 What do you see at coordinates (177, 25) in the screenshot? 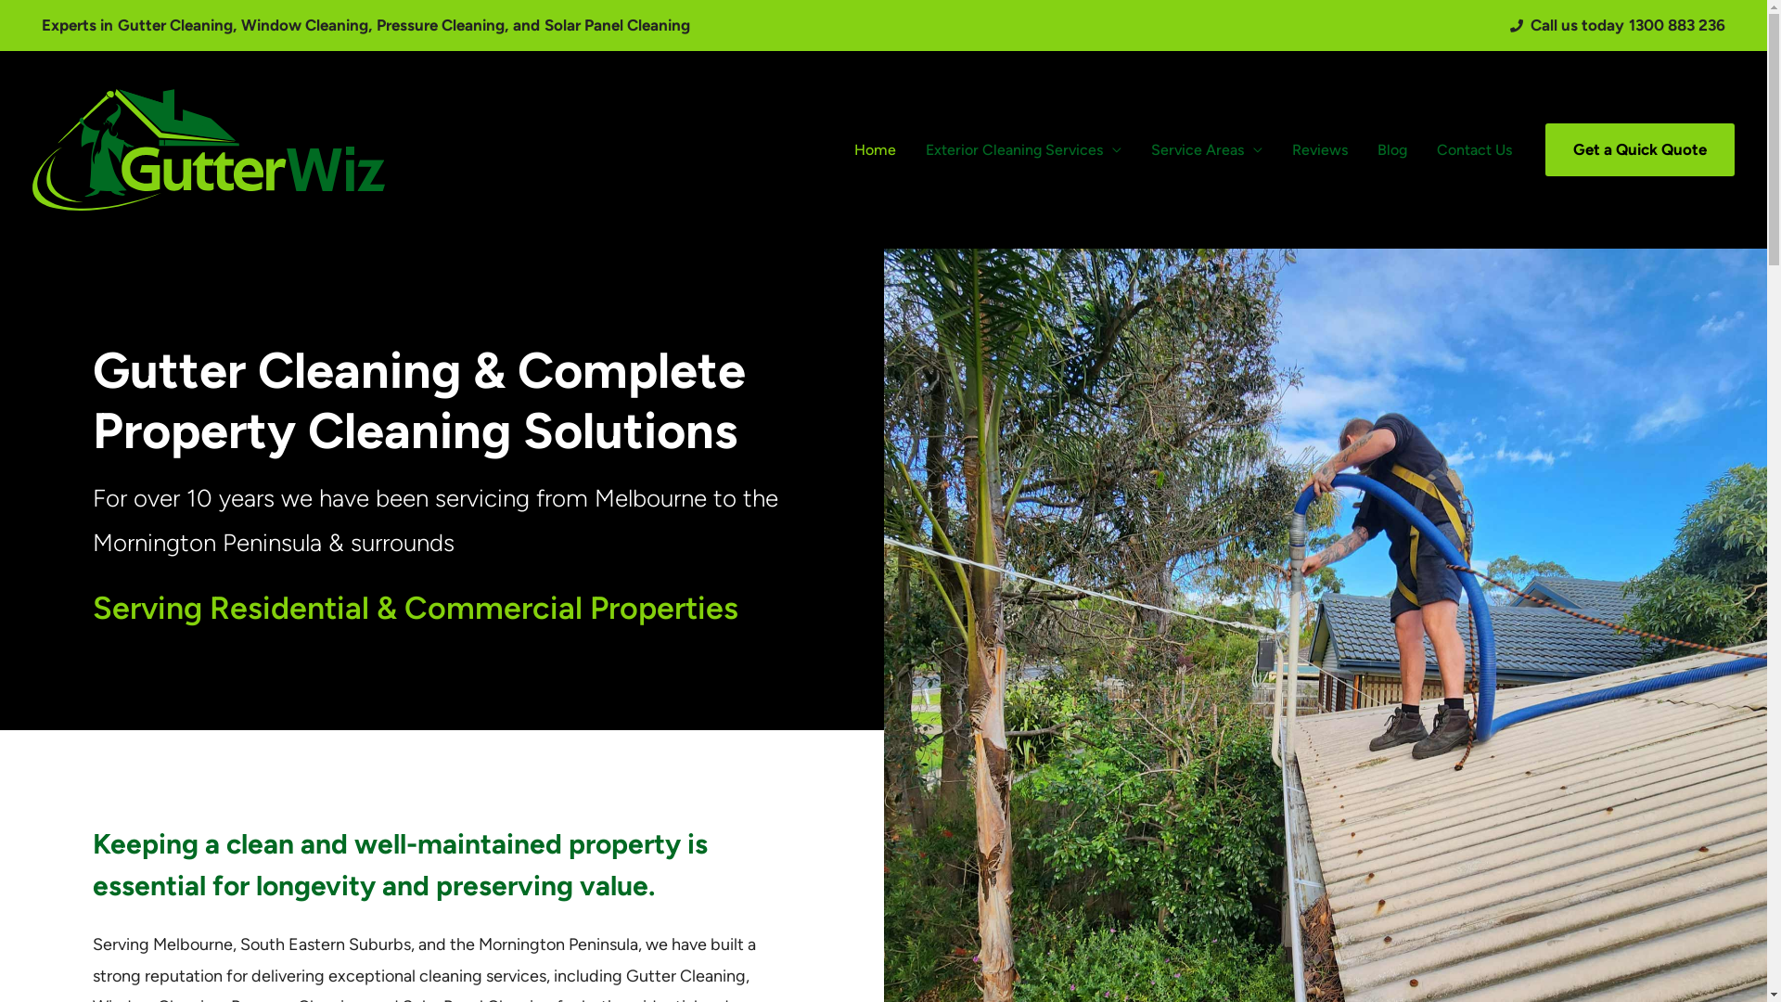
I see `'Gutter Cleaning,'` at bounding box center [177, 25].